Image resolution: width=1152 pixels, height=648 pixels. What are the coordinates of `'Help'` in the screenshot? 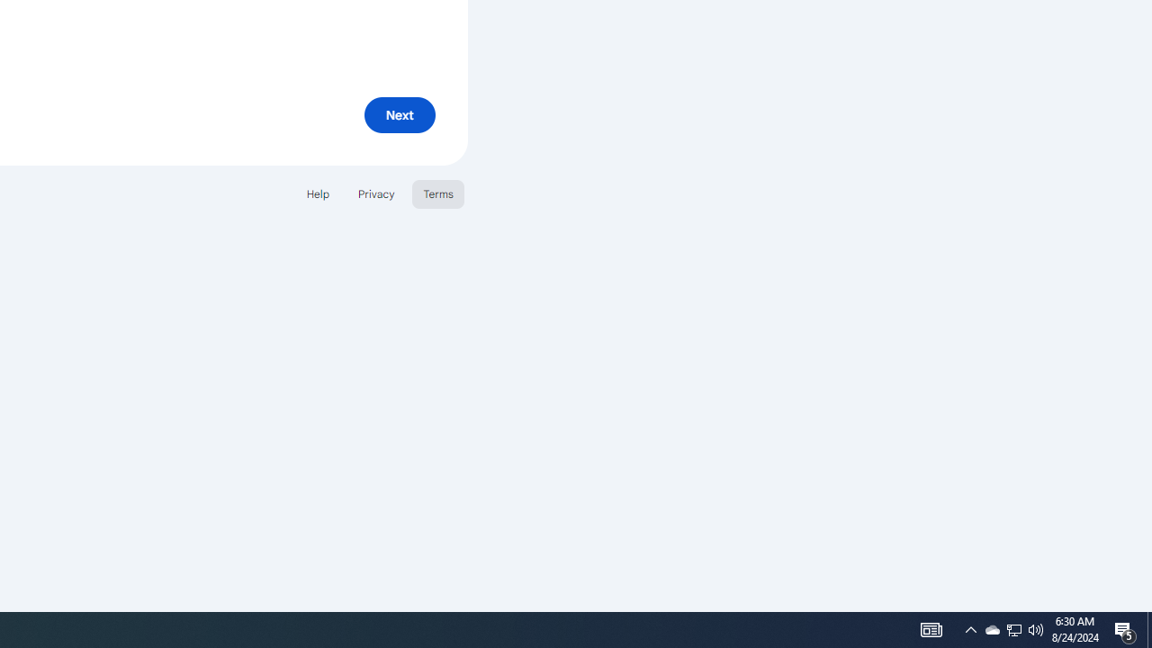 It's located at (317, 193).